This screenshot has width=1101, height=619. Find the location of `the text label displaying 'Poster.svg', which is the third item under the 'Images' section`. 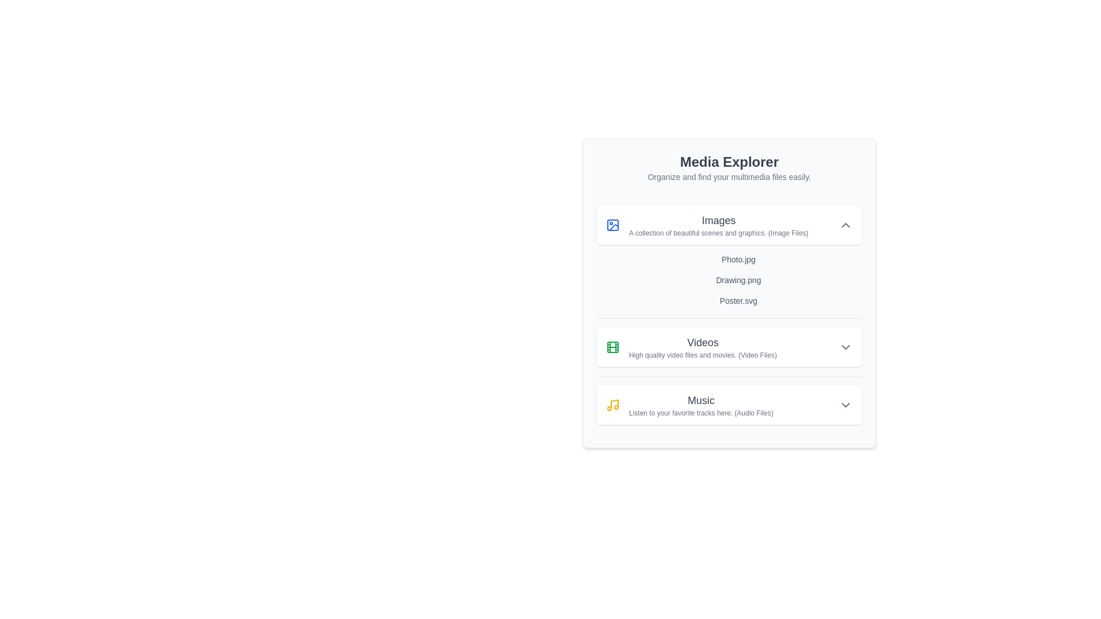

the text label displaying 'Poster.svg', which is the third item under the 'Images' section is located at coordinates (738, 300).